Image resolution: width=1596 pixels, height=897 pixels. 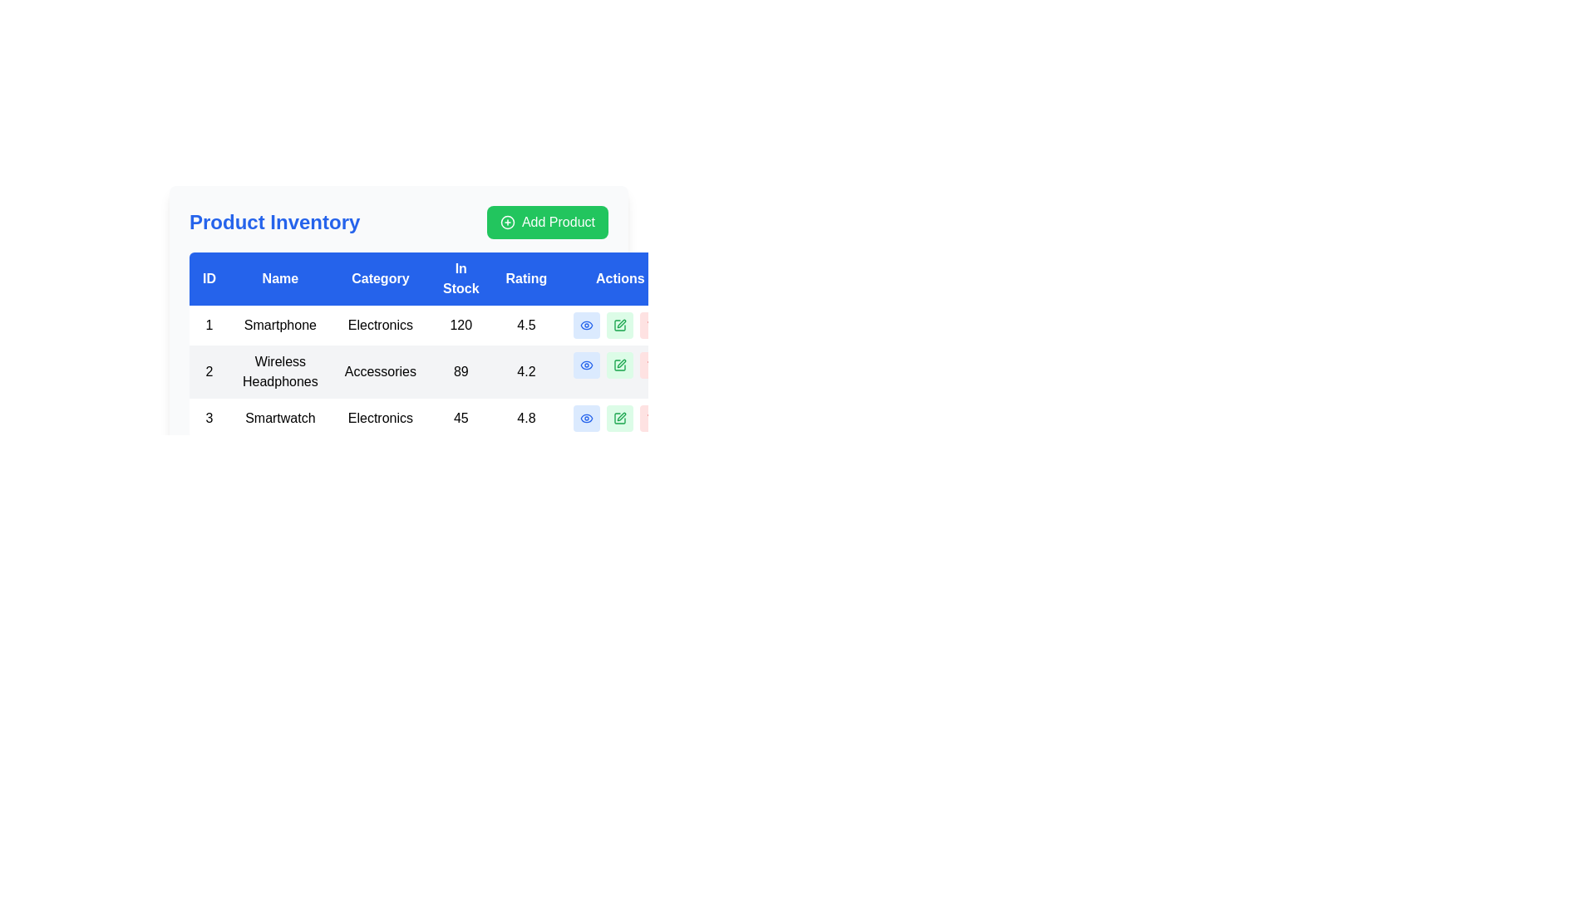 I want to click on the Delete button with an icon in the Actions column of the third row of the inventory table labeled 'Smartwatch' for accessibility, so click(x=653, y=418).